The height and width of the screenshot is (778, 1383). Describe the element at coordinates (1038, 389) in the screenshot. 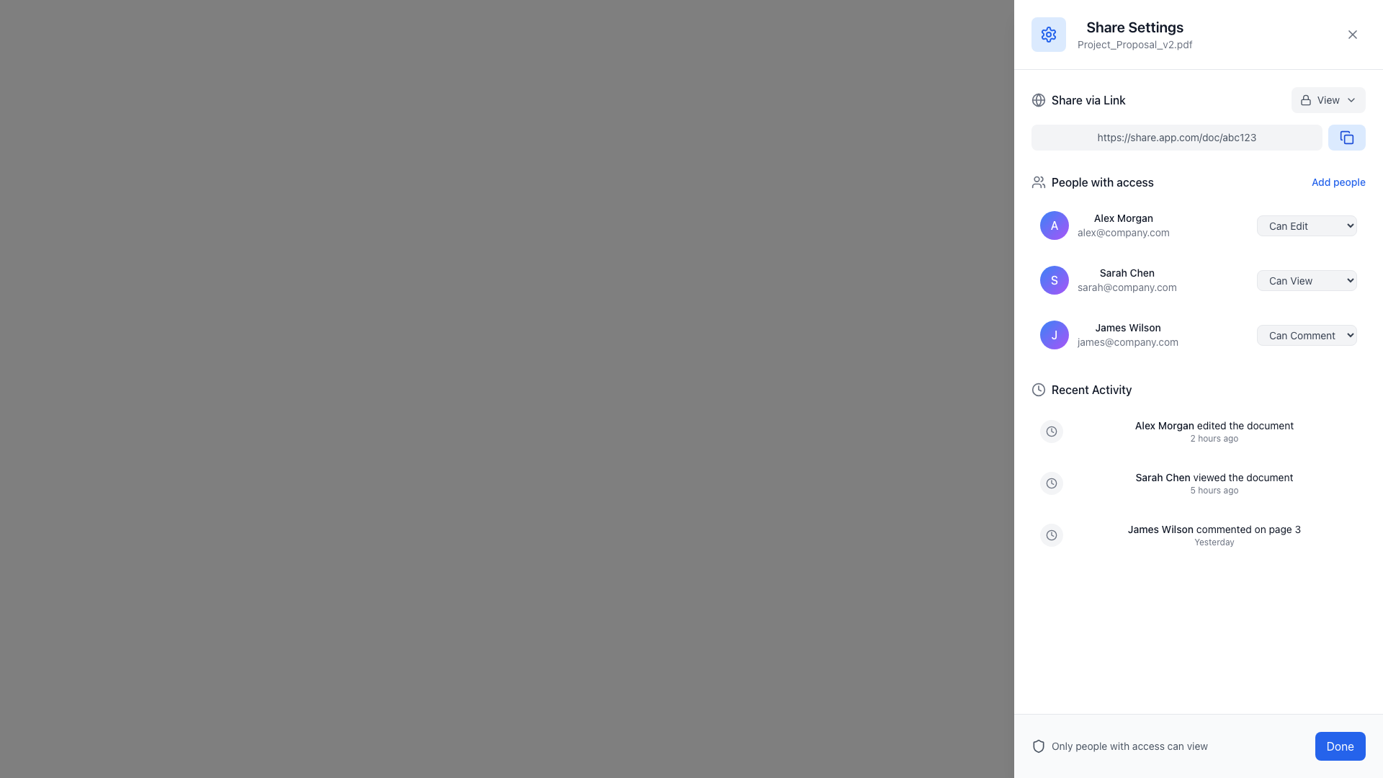

I see `the circular decorative vector shape that is part of the clock icon located` at that location.